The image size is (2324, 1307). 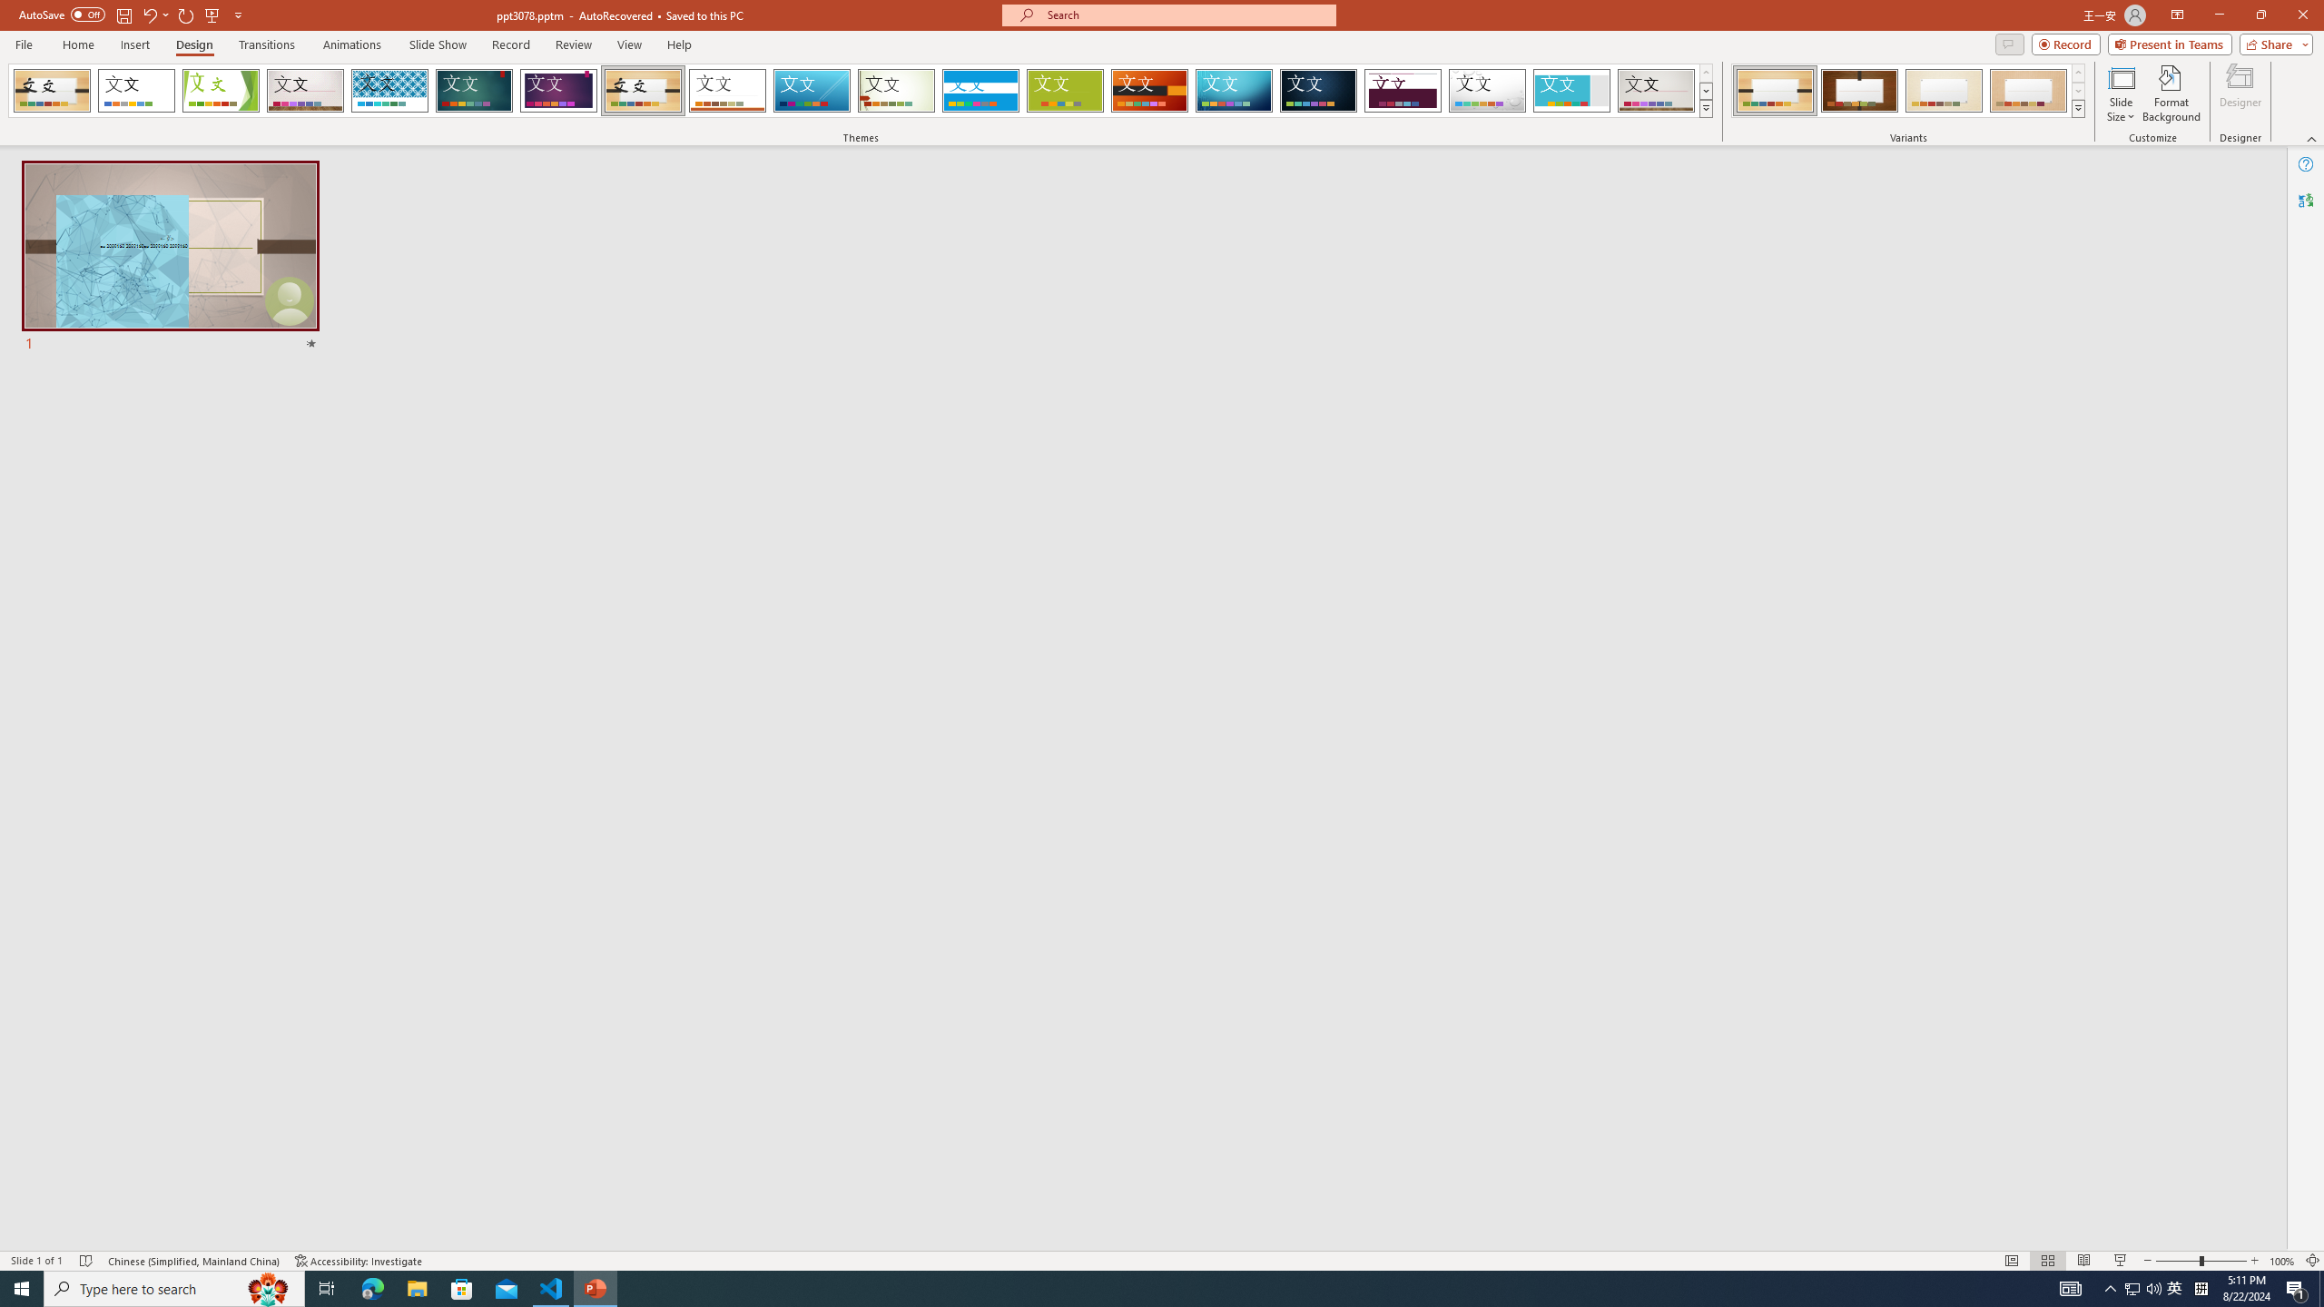 What do you see at coordinates (1706, 107) in the screenshot?
I see `'Themes'` at bounding box center [1706, 107].